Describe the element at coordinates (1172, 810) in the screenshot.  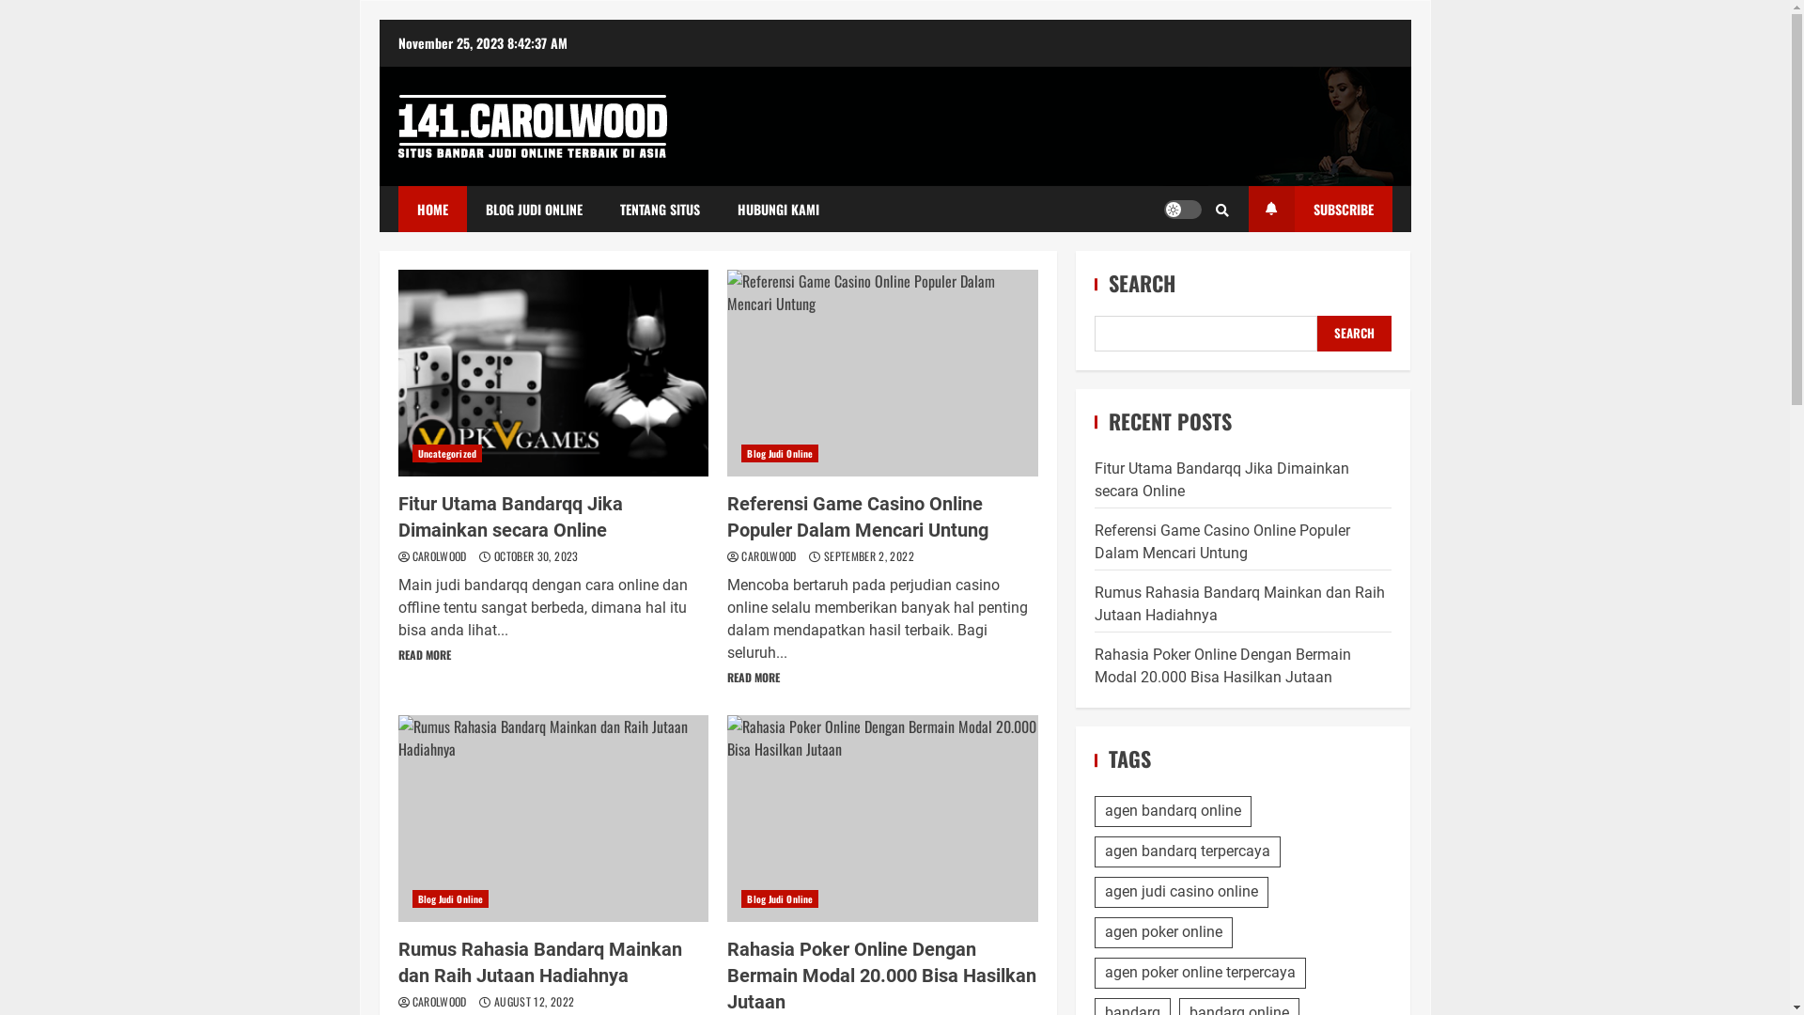
I see `'agen bandarq online'` at that location.